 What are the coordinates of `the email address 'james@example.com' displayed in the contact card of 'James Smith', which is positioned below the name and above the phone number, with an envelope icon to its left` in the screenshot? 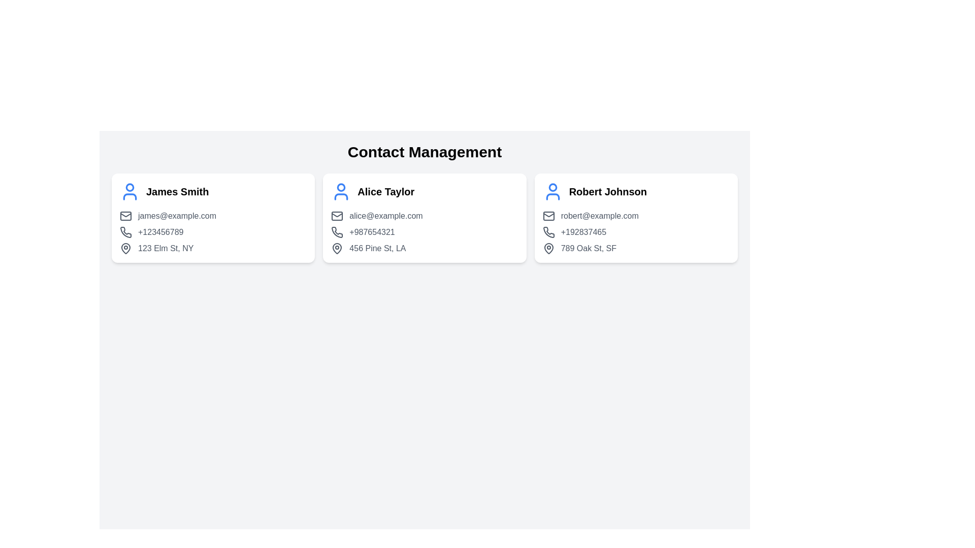 It's located at (213, 215).